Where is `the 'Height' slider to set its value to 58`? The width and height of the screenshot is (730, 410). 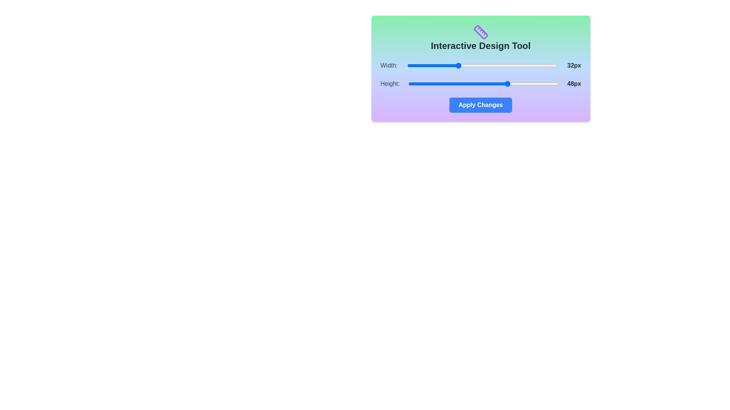 the 'Height' slider to set its value to 58 is located at coordinates (540, 84).